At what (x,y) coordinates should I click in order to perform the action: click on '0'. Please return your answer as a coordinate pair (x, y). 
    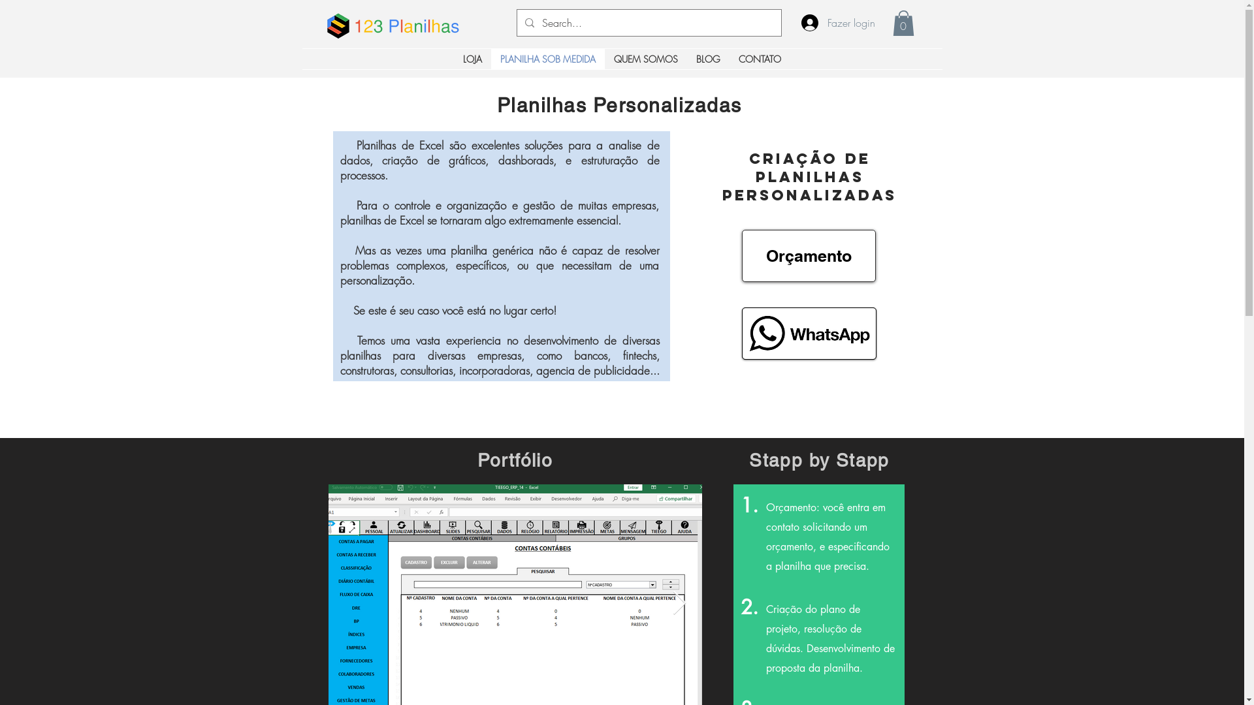
    Looking at the image, I should click on (892, 23).